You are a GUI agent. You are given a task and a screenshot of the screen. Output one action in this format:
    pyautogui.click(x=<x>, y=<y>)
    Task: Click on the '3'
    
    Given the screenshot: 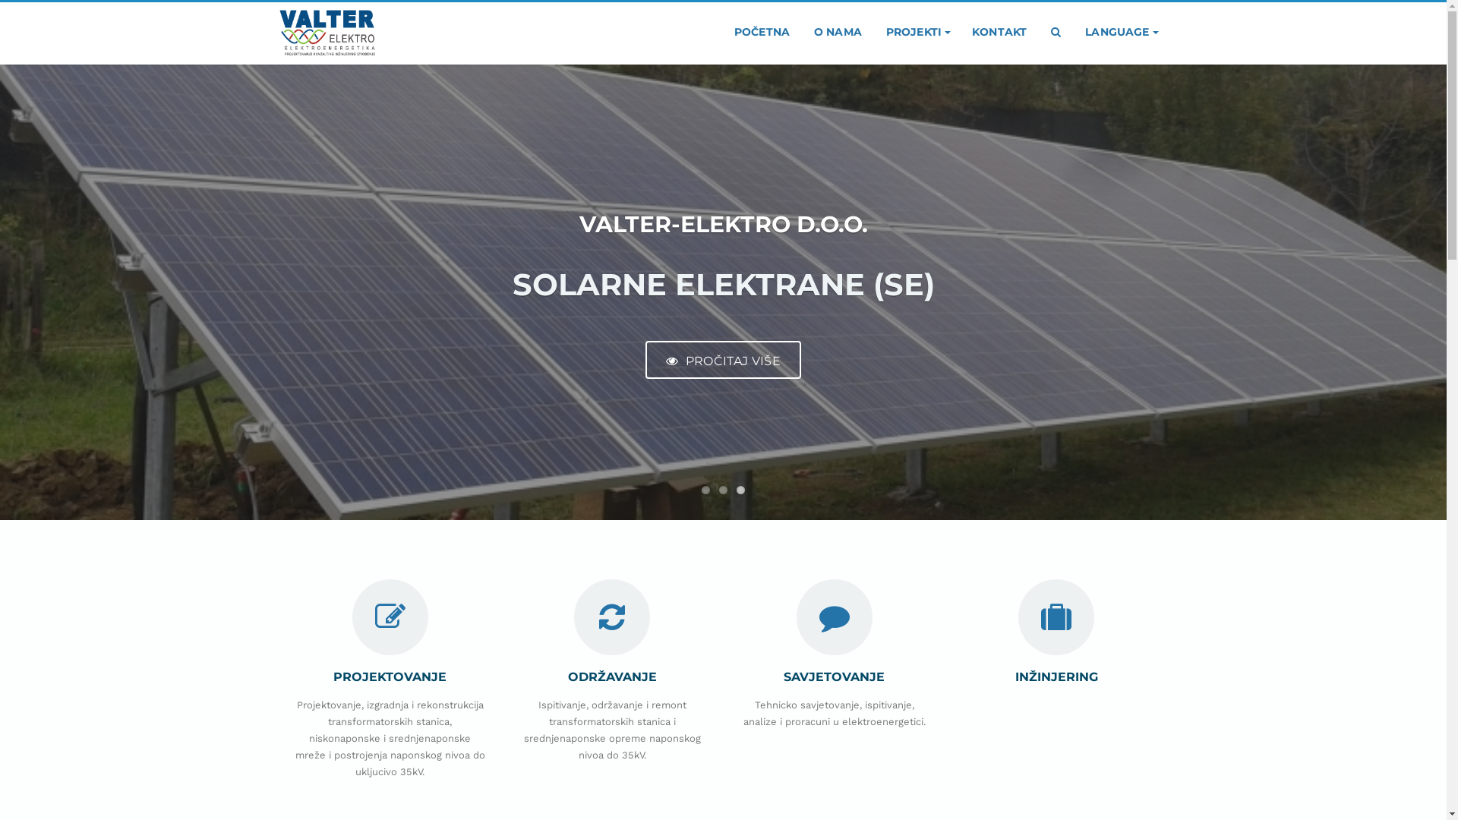 What is the action you would take?
    pyautogui.click(x=736, y=490)
    